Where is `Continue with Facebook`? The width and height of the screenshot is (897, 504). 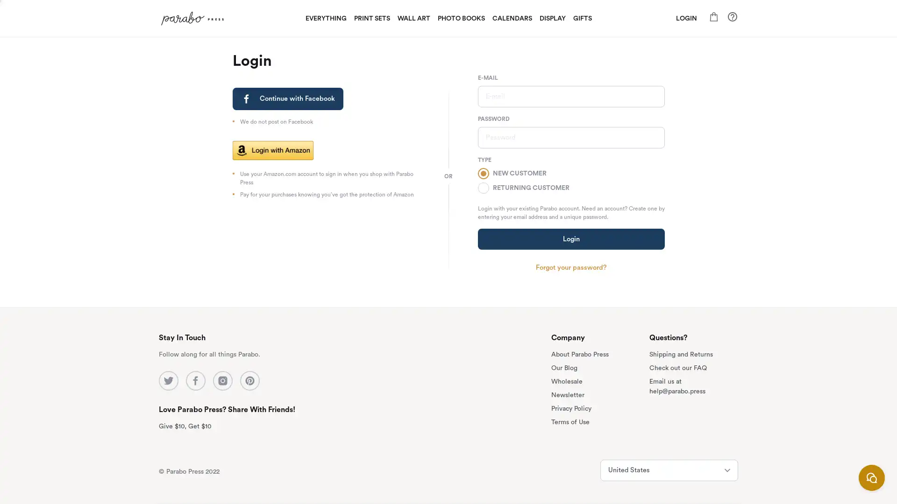
Continue with Facebook is located at coordinates (287, 99).